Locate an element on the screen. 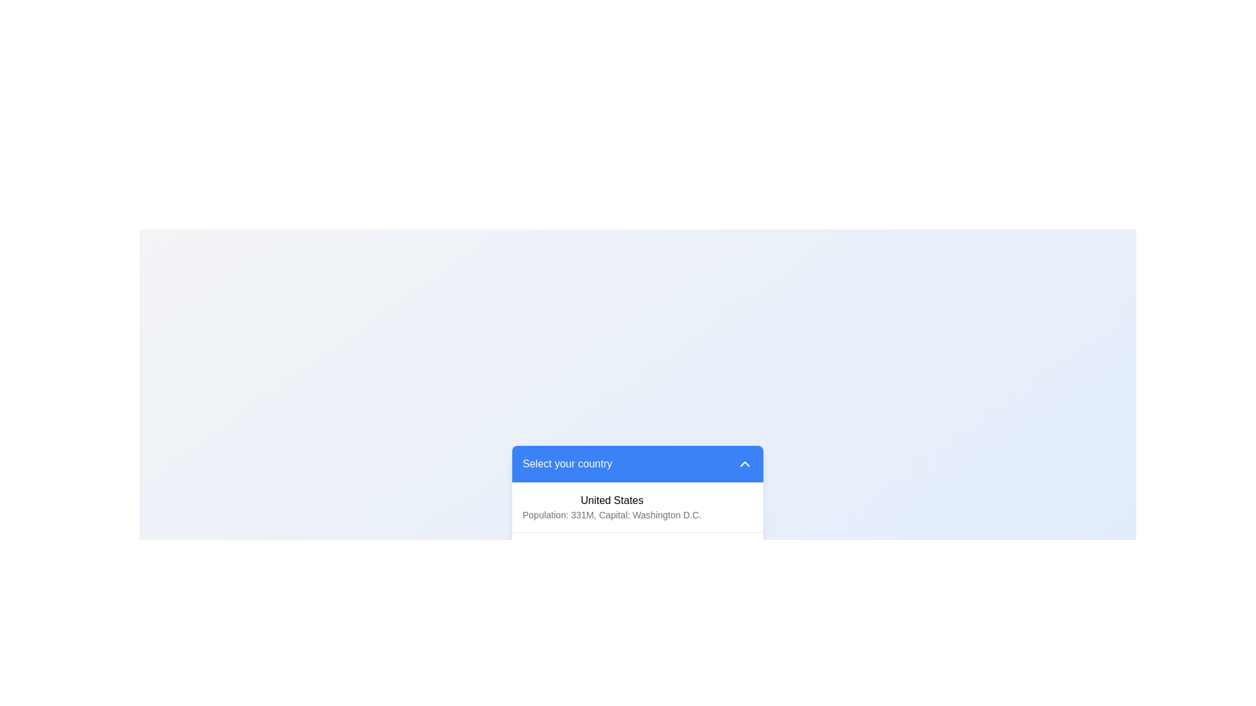 The image size is (1256, 706). the first list item representing the United States in the dropdown menu is located at coordinates (637, 506).